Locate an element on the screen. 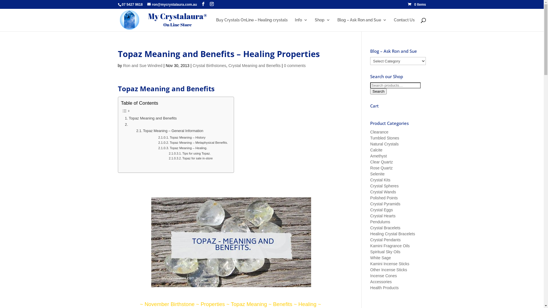 This screenshot has height=308, width=548. 'Health Products' is located at coordinates (384, 288).